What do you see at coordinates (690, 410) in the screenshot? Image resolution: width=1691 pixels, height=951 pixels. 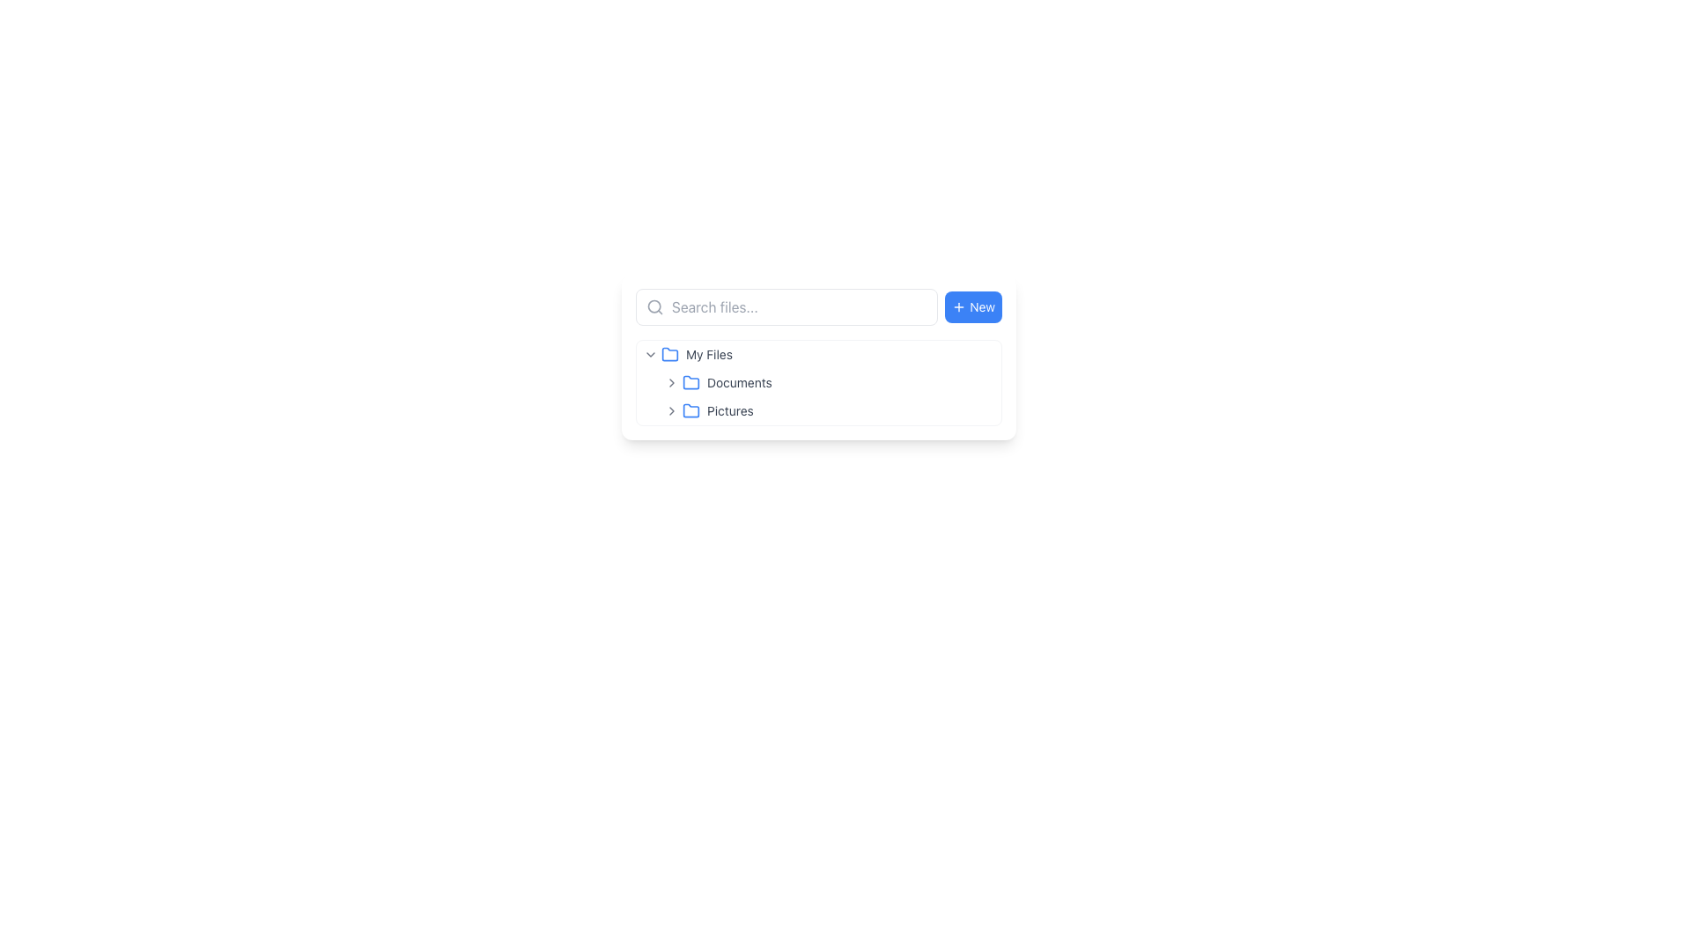 I see `the folder-shaped icon with a blue outline, which is positioned to the left of the text 'Pictures' in the interface` at bounding box center [690, 410].